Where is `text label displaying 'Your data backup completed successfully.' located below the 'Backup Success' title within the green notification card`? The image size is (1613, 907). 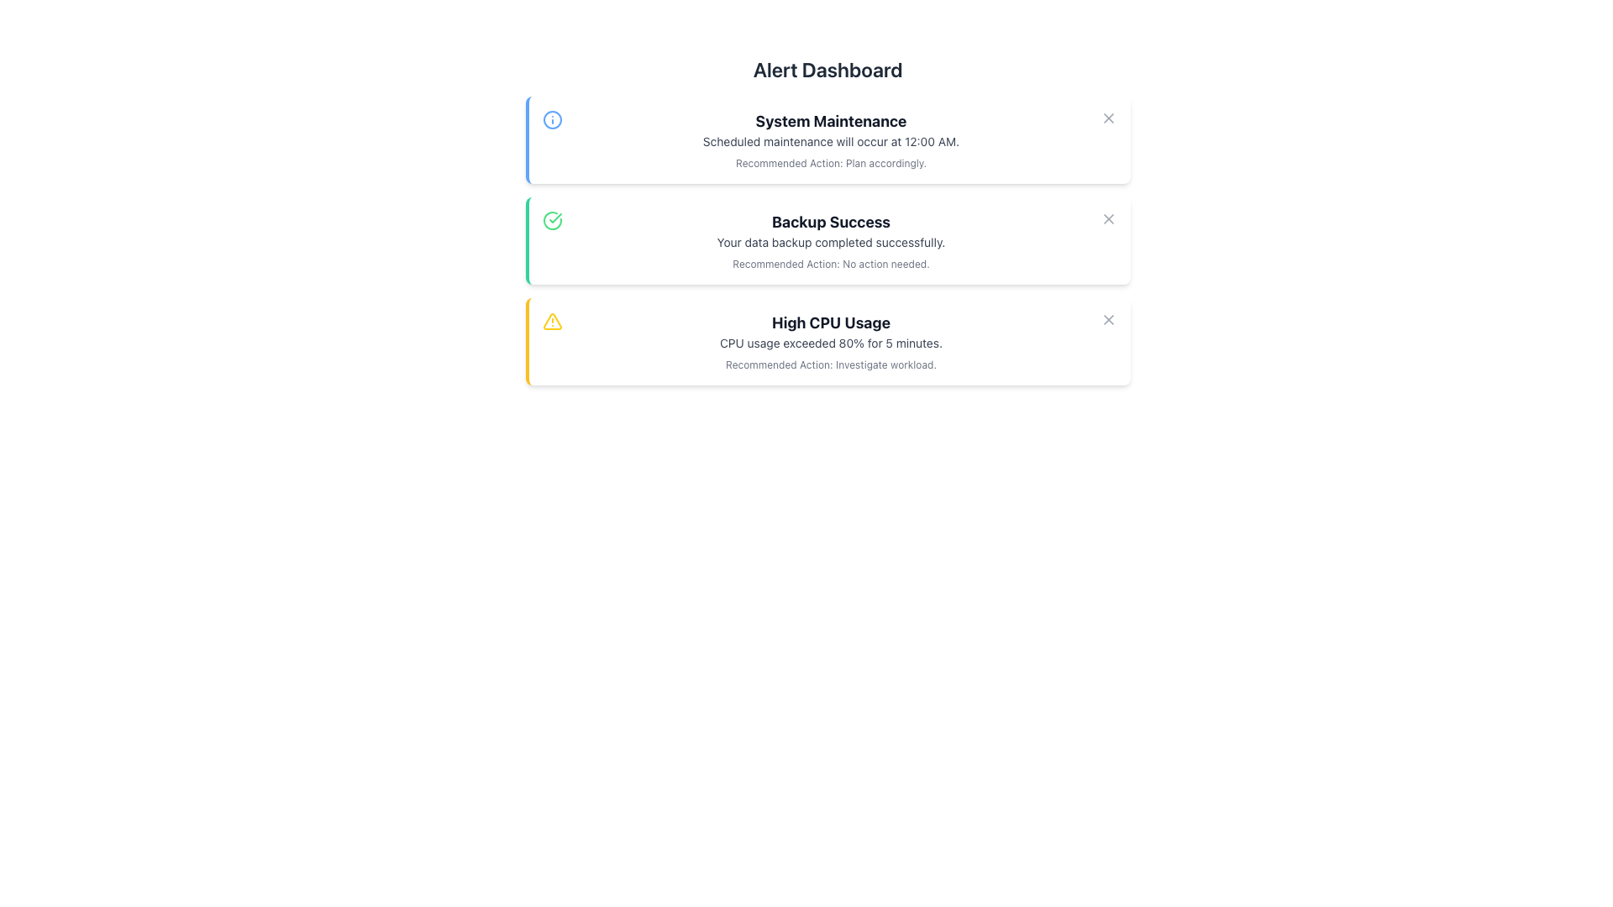 text label displaying 'Your data backup completed successfully.' located below the 'Backup Success' title within the green notification card is located at coordinates (831, 243).